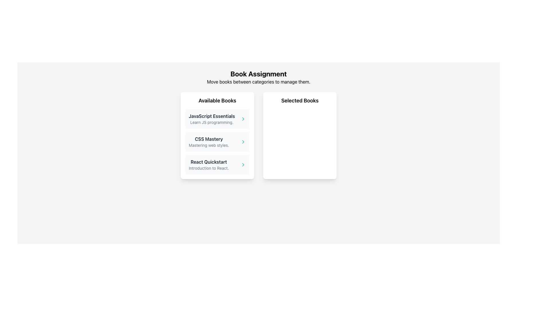 The height and width of the screenshot is (309, 550). What do you see at coordinates (258, 77) in the screenshot?
I see `the text block labeled 'Book Assignment' which has a bold header and a subheader describing book management` at bounding box center [258, 77].